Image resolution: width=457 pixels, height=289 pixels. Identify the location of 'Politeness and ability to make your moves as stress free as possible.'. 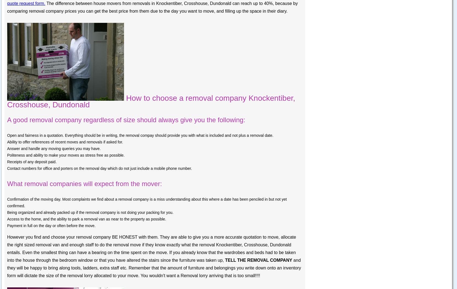
(65, 155).